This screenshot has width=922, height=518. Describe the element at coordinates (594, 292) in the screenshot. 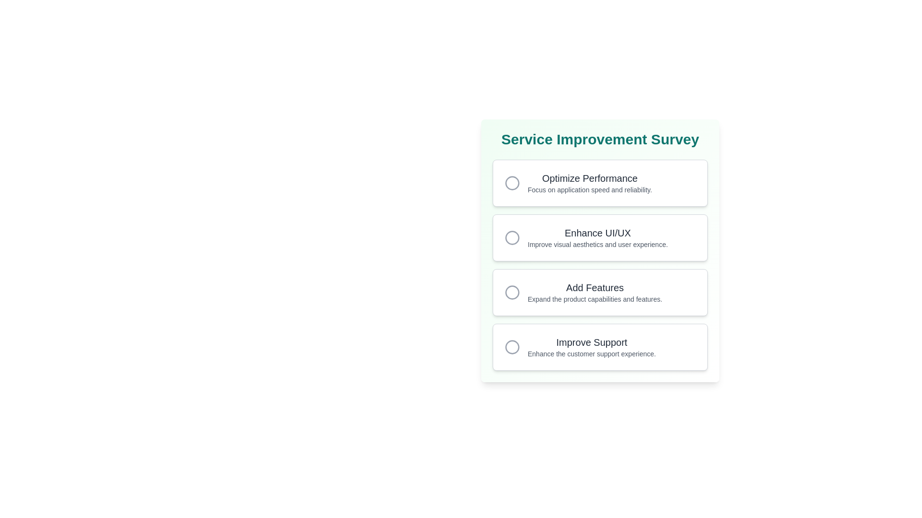

I see `the 'Add Features' textual selection option` at that location.